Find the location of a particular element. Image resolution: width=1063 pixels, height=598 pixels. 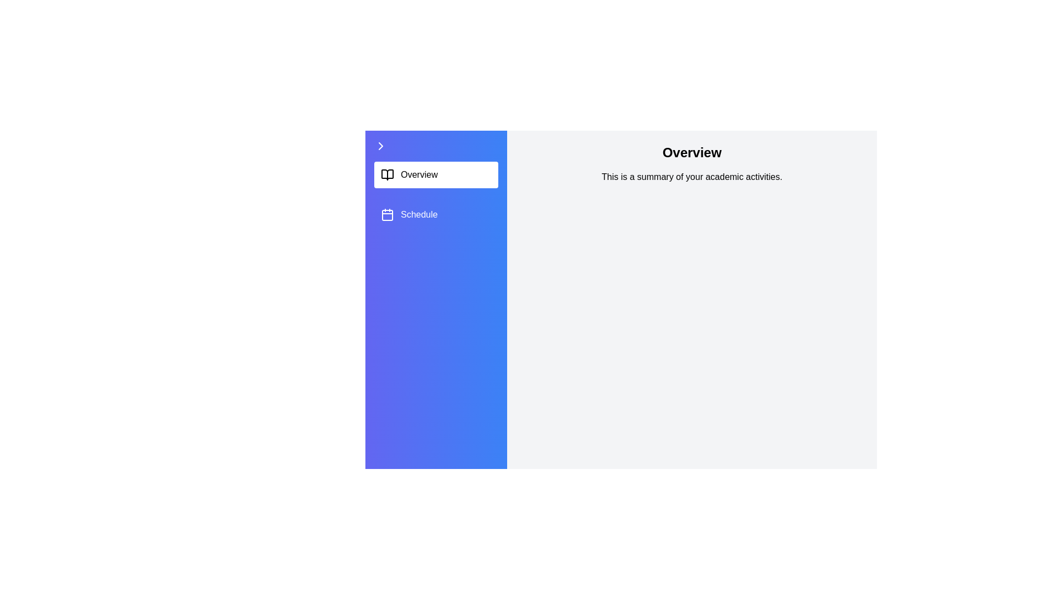

the 'Schedule' tab to display its content is located at coordinates (435, 215).